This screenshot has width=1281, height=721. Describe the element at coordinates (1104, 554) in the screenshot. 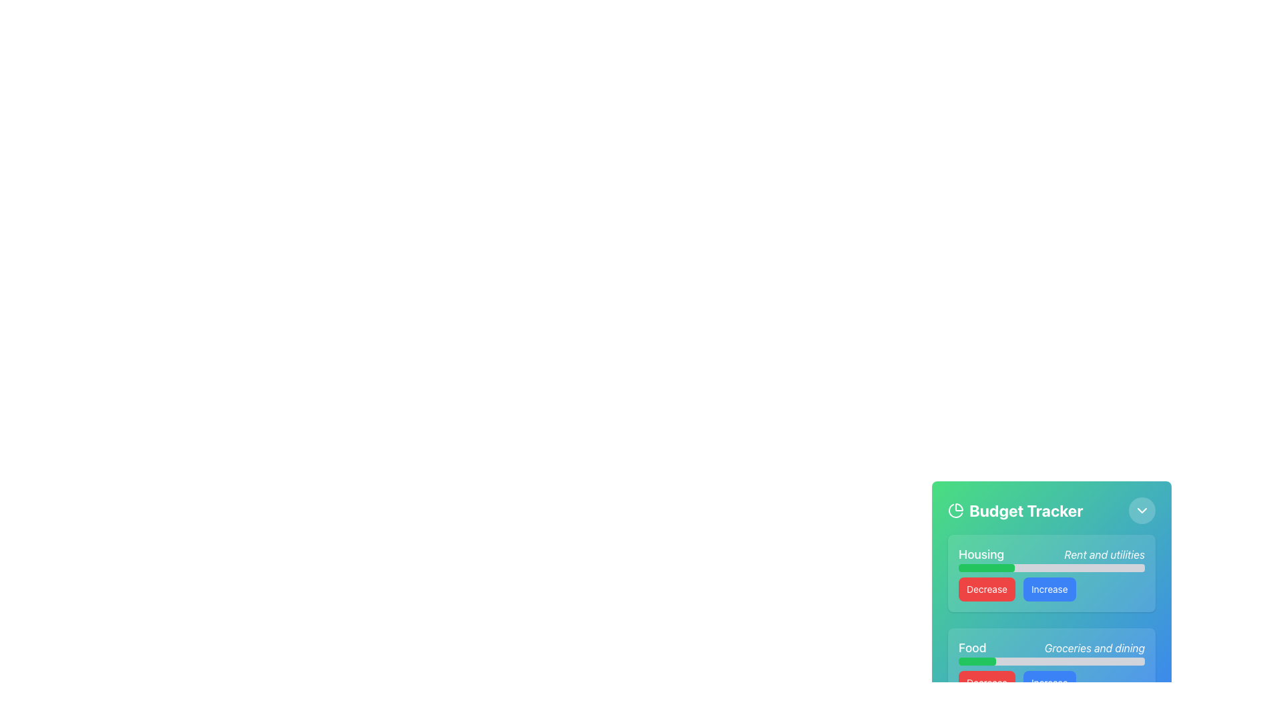

I see `the Text Label that provides context for the adjacent progress bar, located to the right of the 'Housing' text and above the 'Decrease' and 'Increase' buttons` at that location.